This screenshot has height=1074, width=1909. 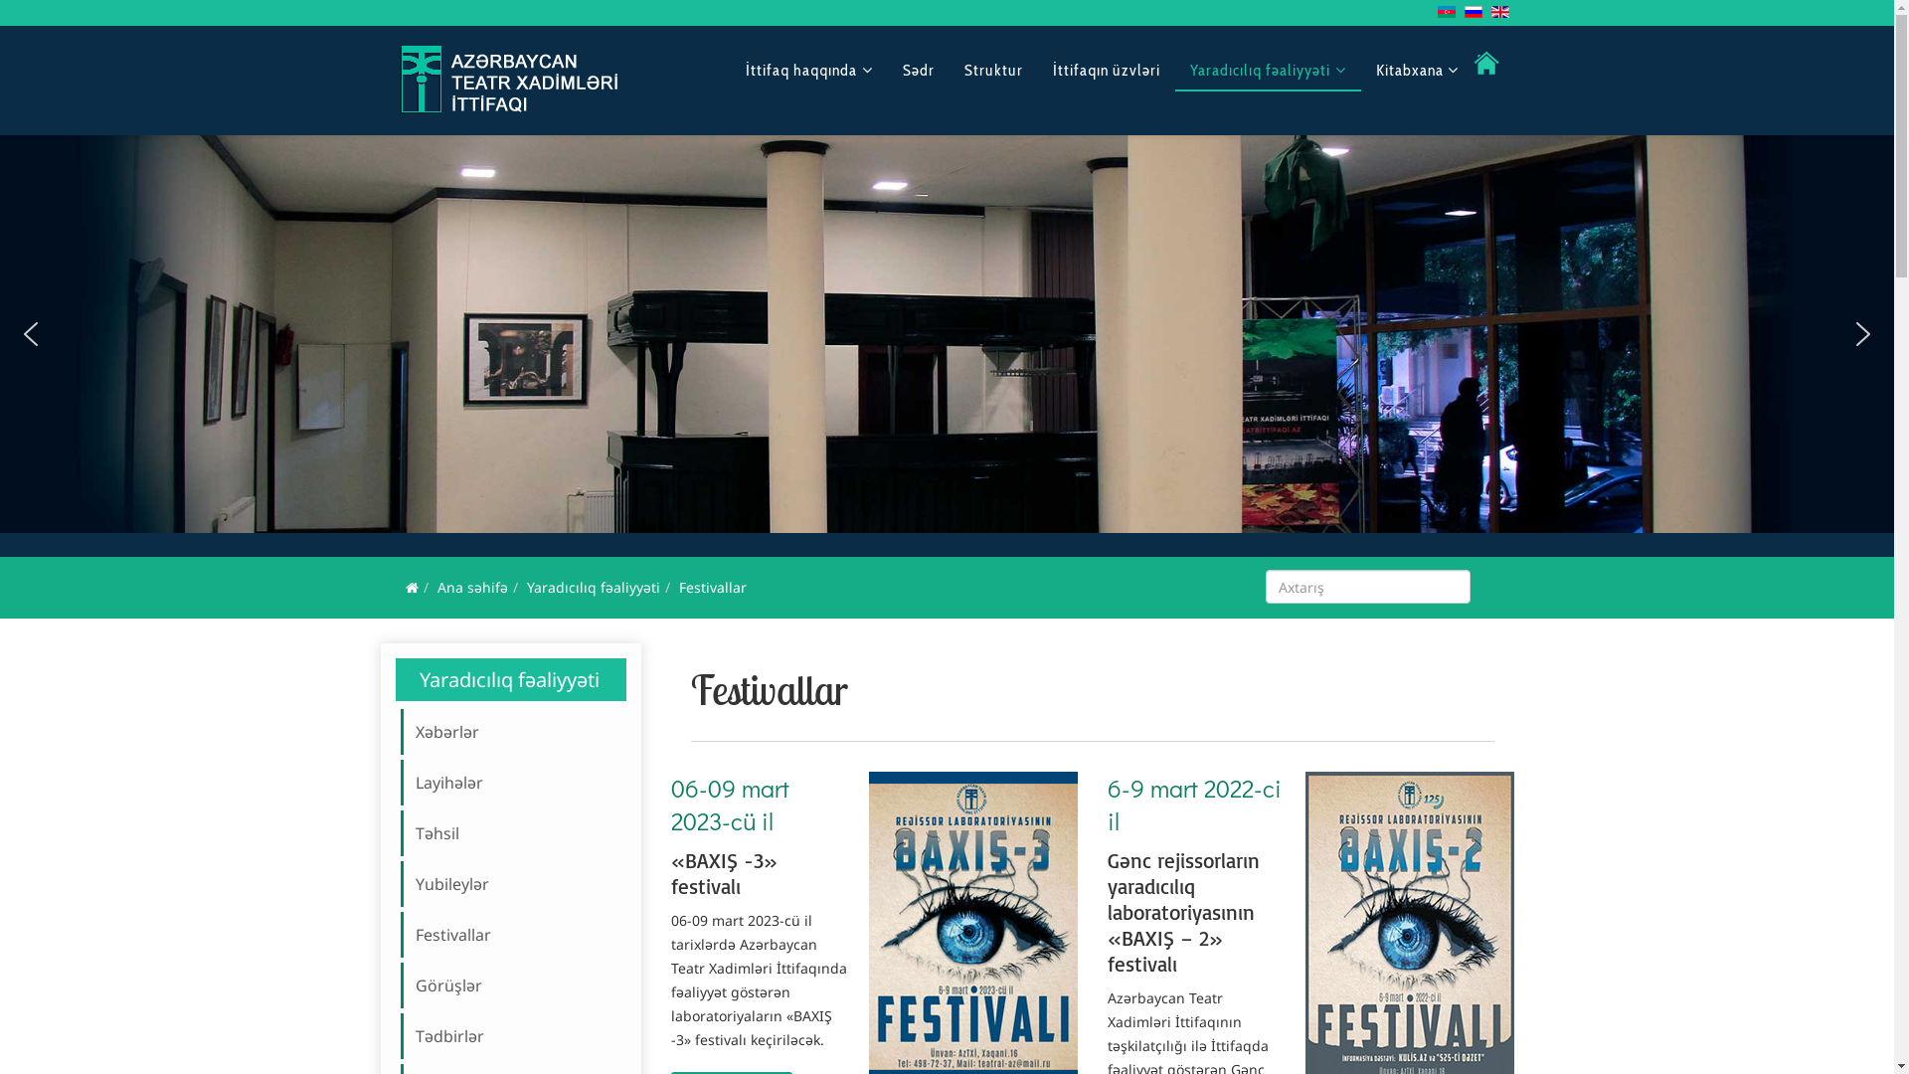 What do you see at coordinates (1446, 11) in the screenshot?
I see `'Azerbaijan (az-AZ)'` at bounding box center [1446, 11].